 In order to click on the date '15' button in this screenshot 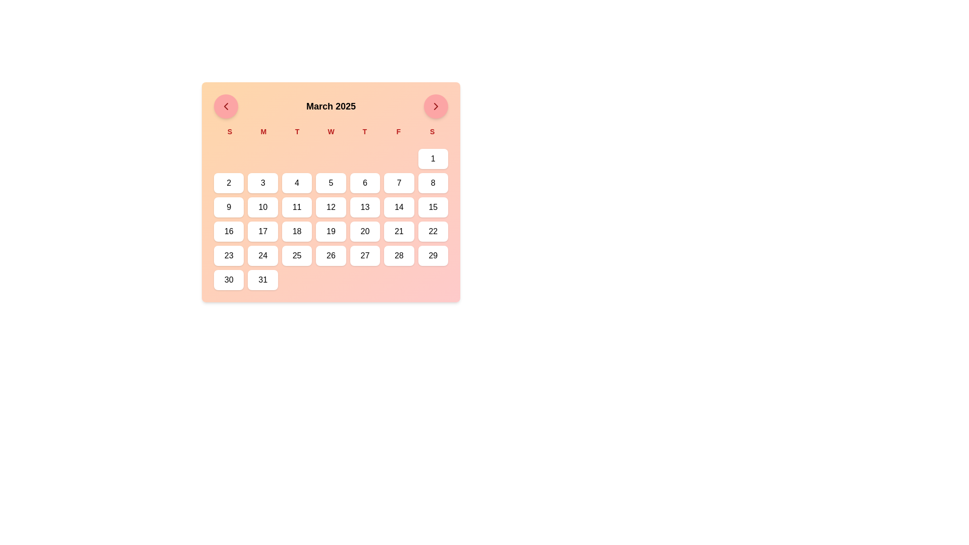, I will do `click(433, 207)`.